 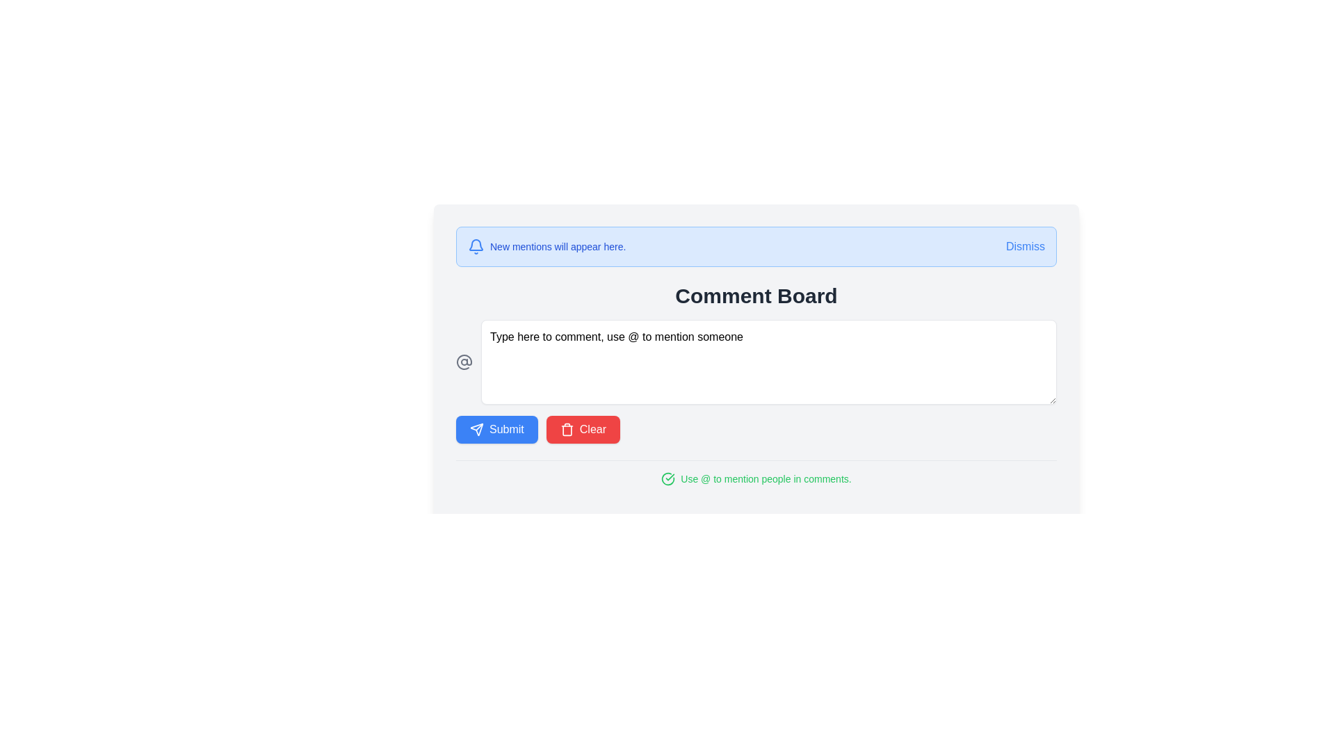 I want to click on the dismiss button located at the far right of the notification box with a blue background, adjacent to the text message 'New mentions will appear here.', so click(x=1025, y=245).